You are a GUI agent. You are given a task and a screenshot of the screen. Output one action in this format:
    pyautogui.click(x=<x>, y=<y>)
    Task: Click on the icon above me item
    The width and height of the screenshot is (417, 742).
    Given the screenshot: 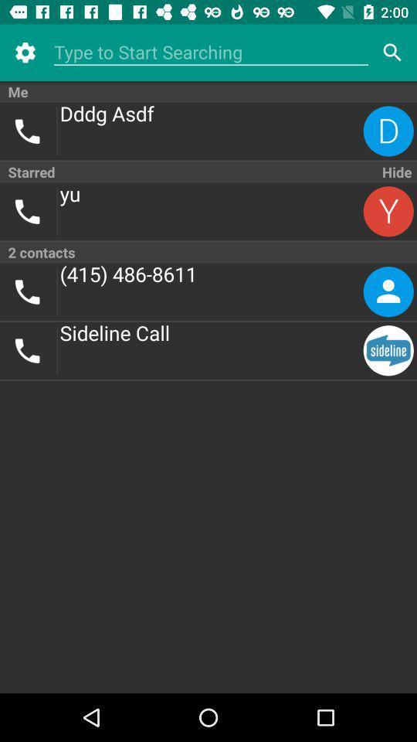 What is the action you would take?
    pyautogui.click(x=24, y=53)
    